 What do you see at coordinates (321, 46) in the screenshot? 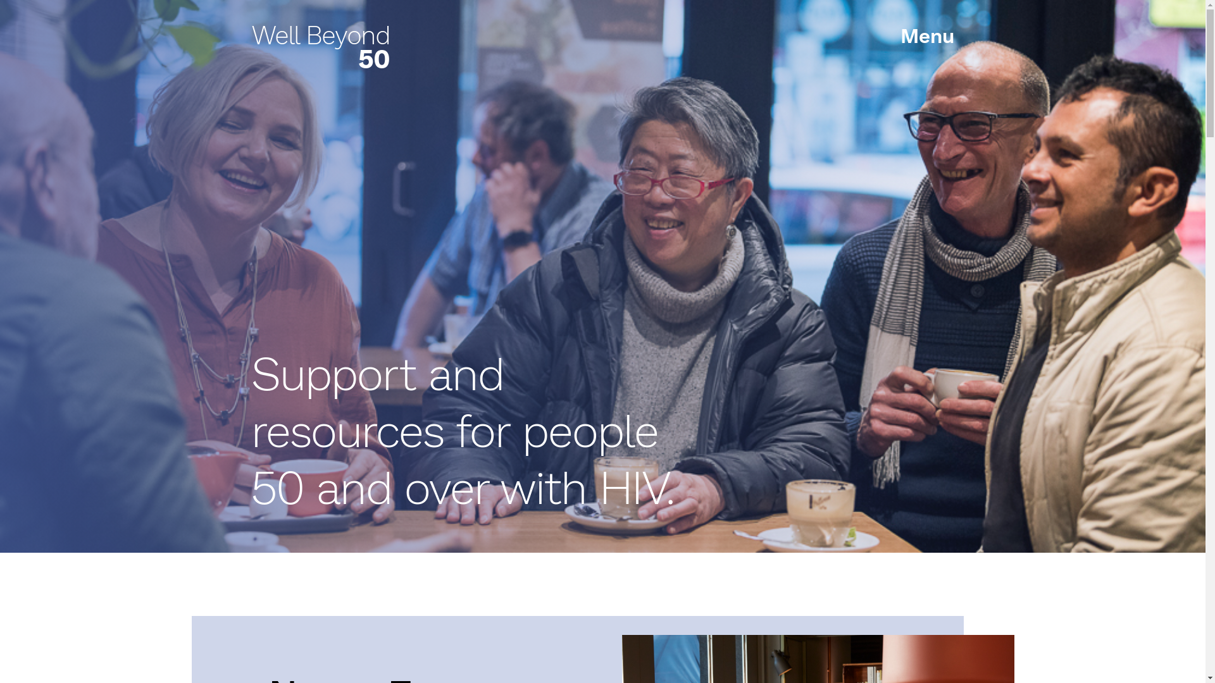
I see `'Well Beyond` at bounding box center [321, 46].